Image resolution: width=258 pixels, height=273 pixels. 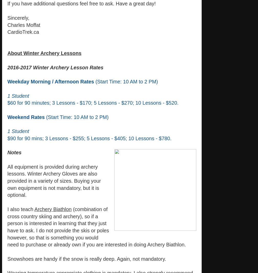 I want to click on 'Notes', so click(x=14, y=152).